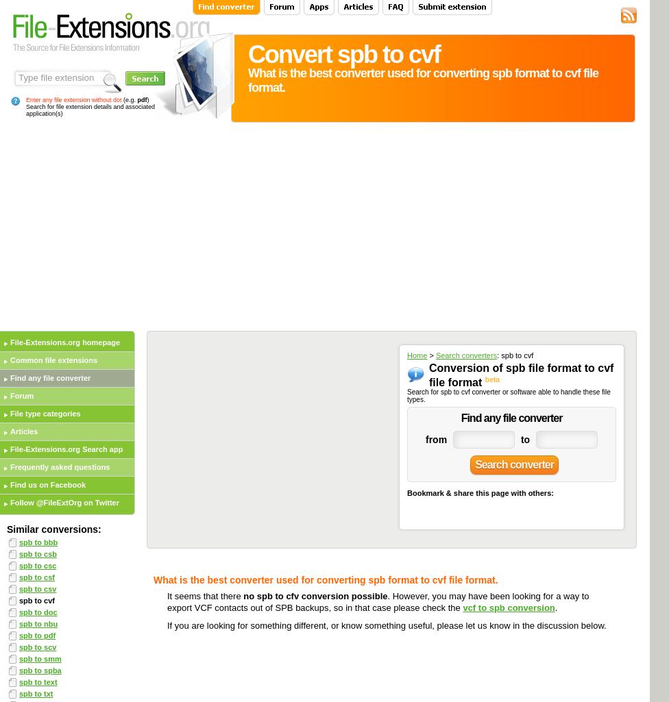  I want to click on 'vcf to spb conversion', so click(508, 606).